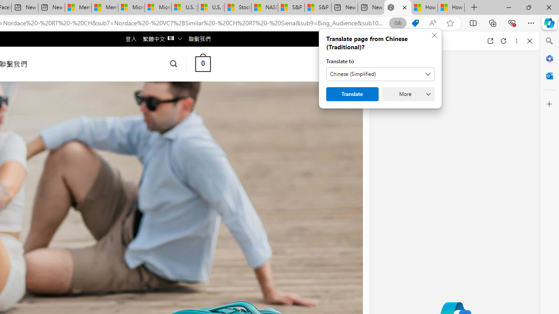 The image size is (559, 314). What do you see at coordinates (352, 94) in the screenshot?
I see `'Translate'` at bounding box center [352, 94].